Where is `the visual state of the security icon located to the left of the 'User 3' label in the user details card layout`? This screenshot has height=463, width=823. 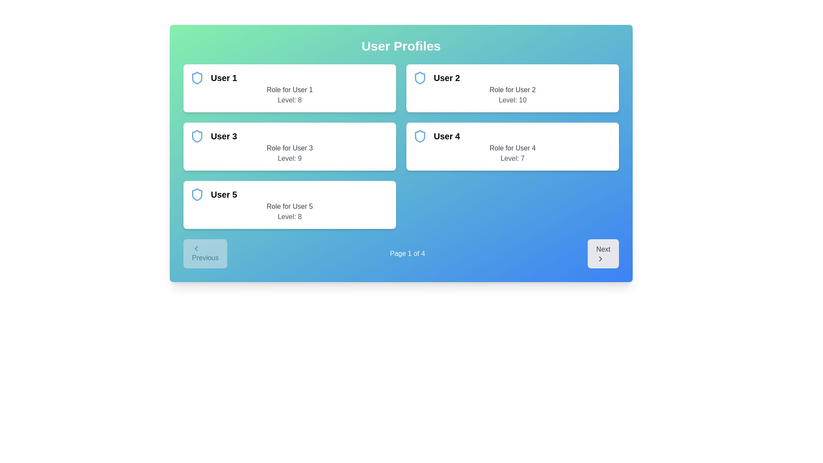
the visual state of the security icon located to the left of the 'User 3' label in the user details card layout is located at coordinates (197, 135).